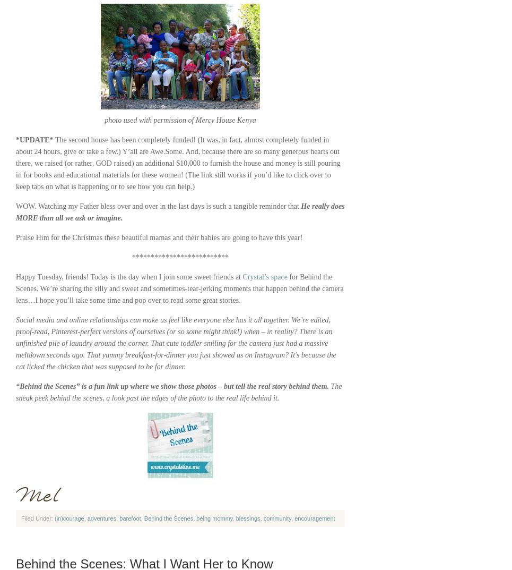  I want to click on '**************************', so click(180, 257).